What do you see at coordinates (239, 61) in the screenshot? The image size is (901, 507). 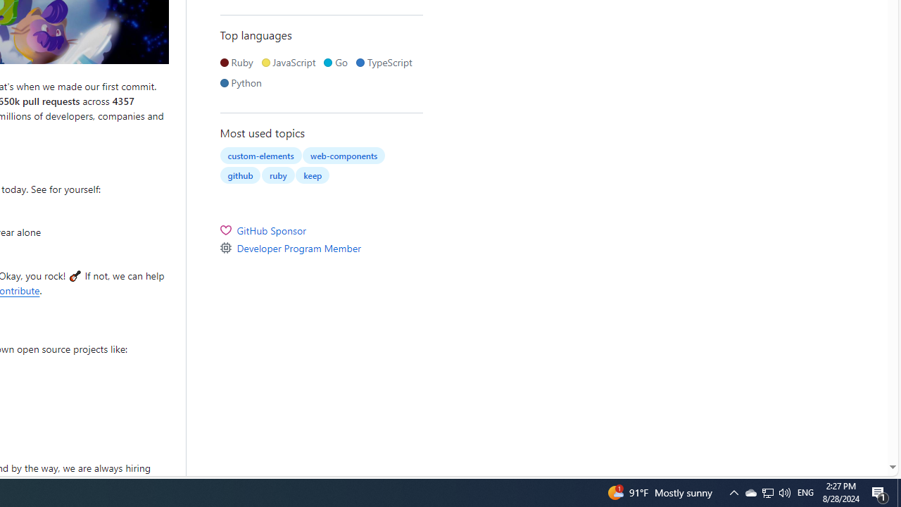 I see `'Ruby'` at bounding box center [239, 61].